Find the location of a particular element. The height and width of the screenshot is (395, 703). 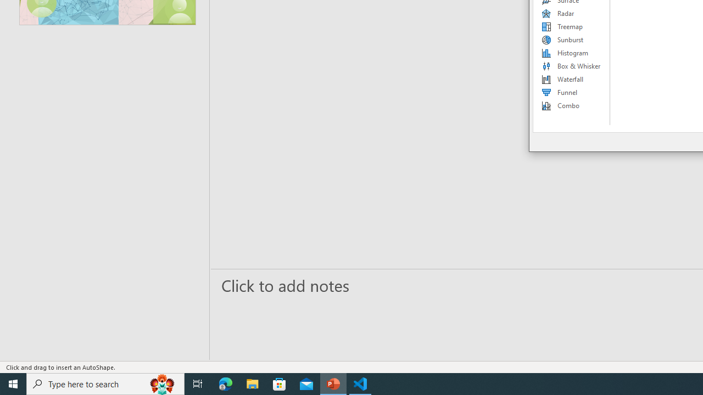

'Radar' is located at coordinates (571, 13).